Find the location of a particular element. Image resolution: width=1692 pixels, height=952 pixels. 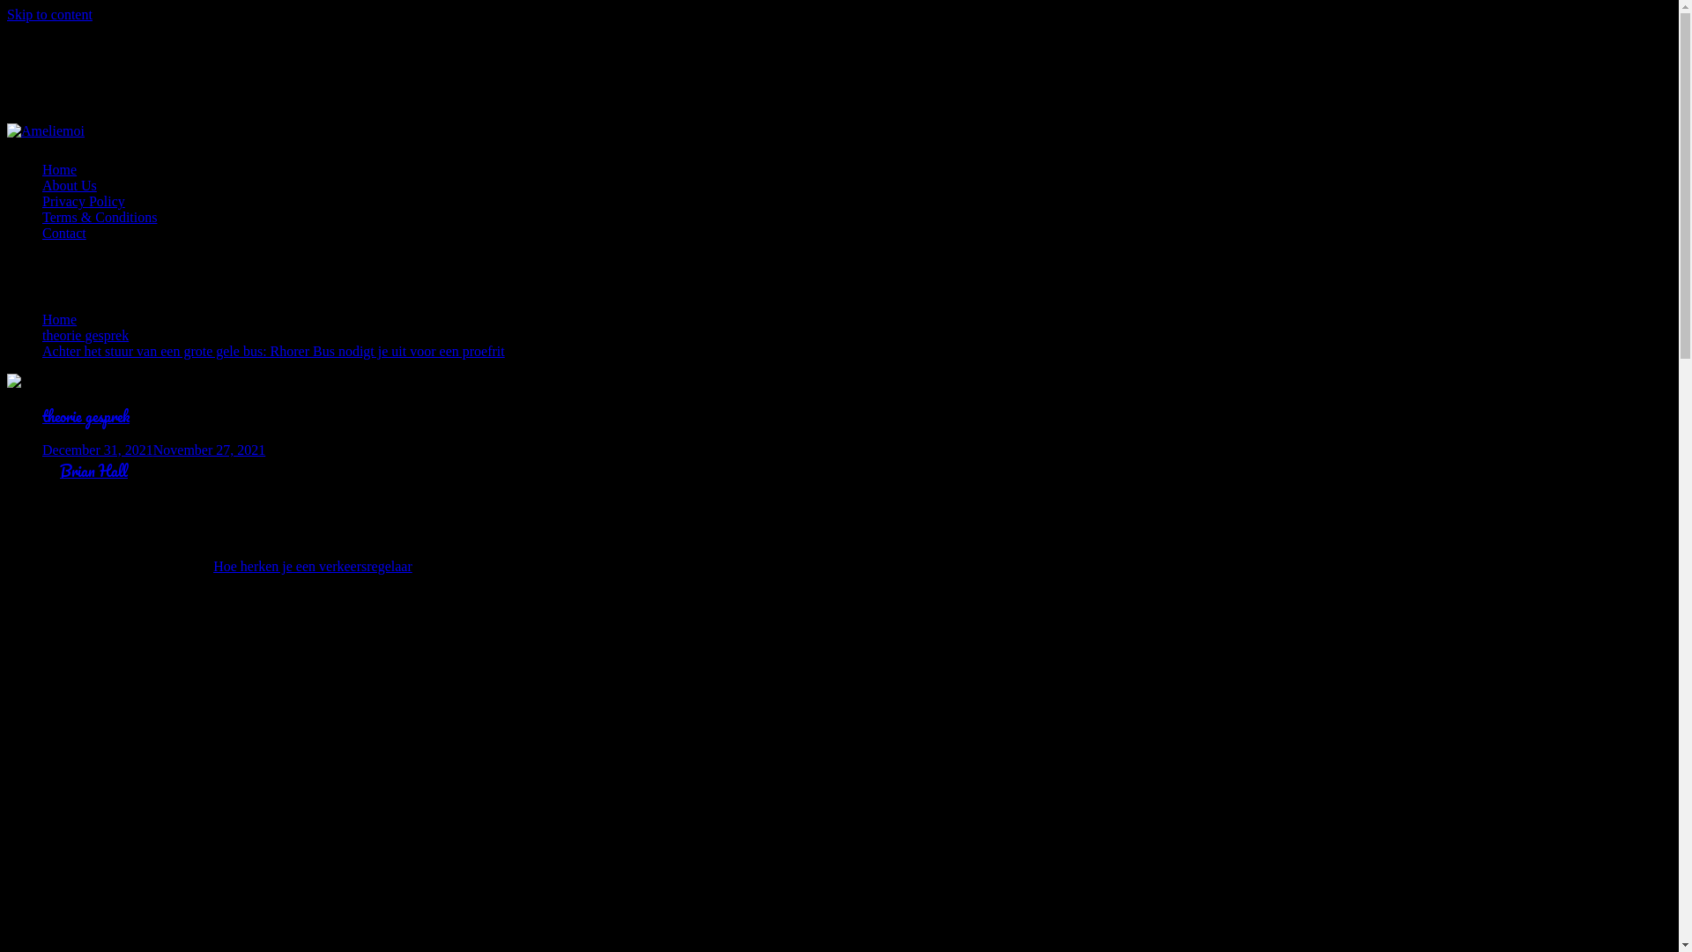

'About Us' is located at coordinates (42, 185).